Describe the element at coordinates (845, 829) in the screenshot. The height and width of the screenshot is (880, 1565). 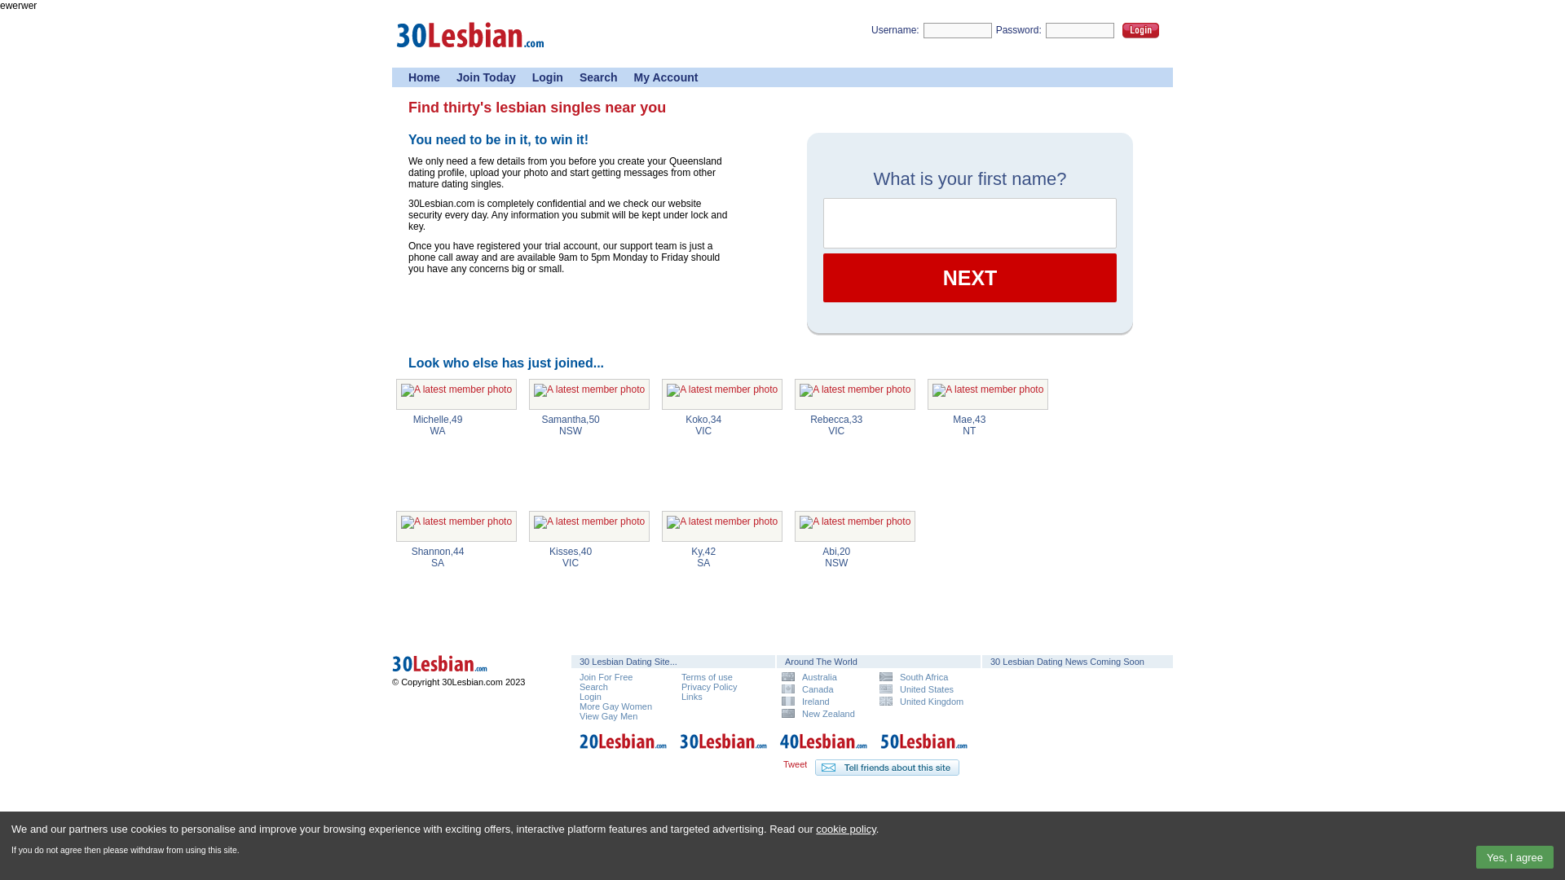
I see `'cookie policy'` at that location.